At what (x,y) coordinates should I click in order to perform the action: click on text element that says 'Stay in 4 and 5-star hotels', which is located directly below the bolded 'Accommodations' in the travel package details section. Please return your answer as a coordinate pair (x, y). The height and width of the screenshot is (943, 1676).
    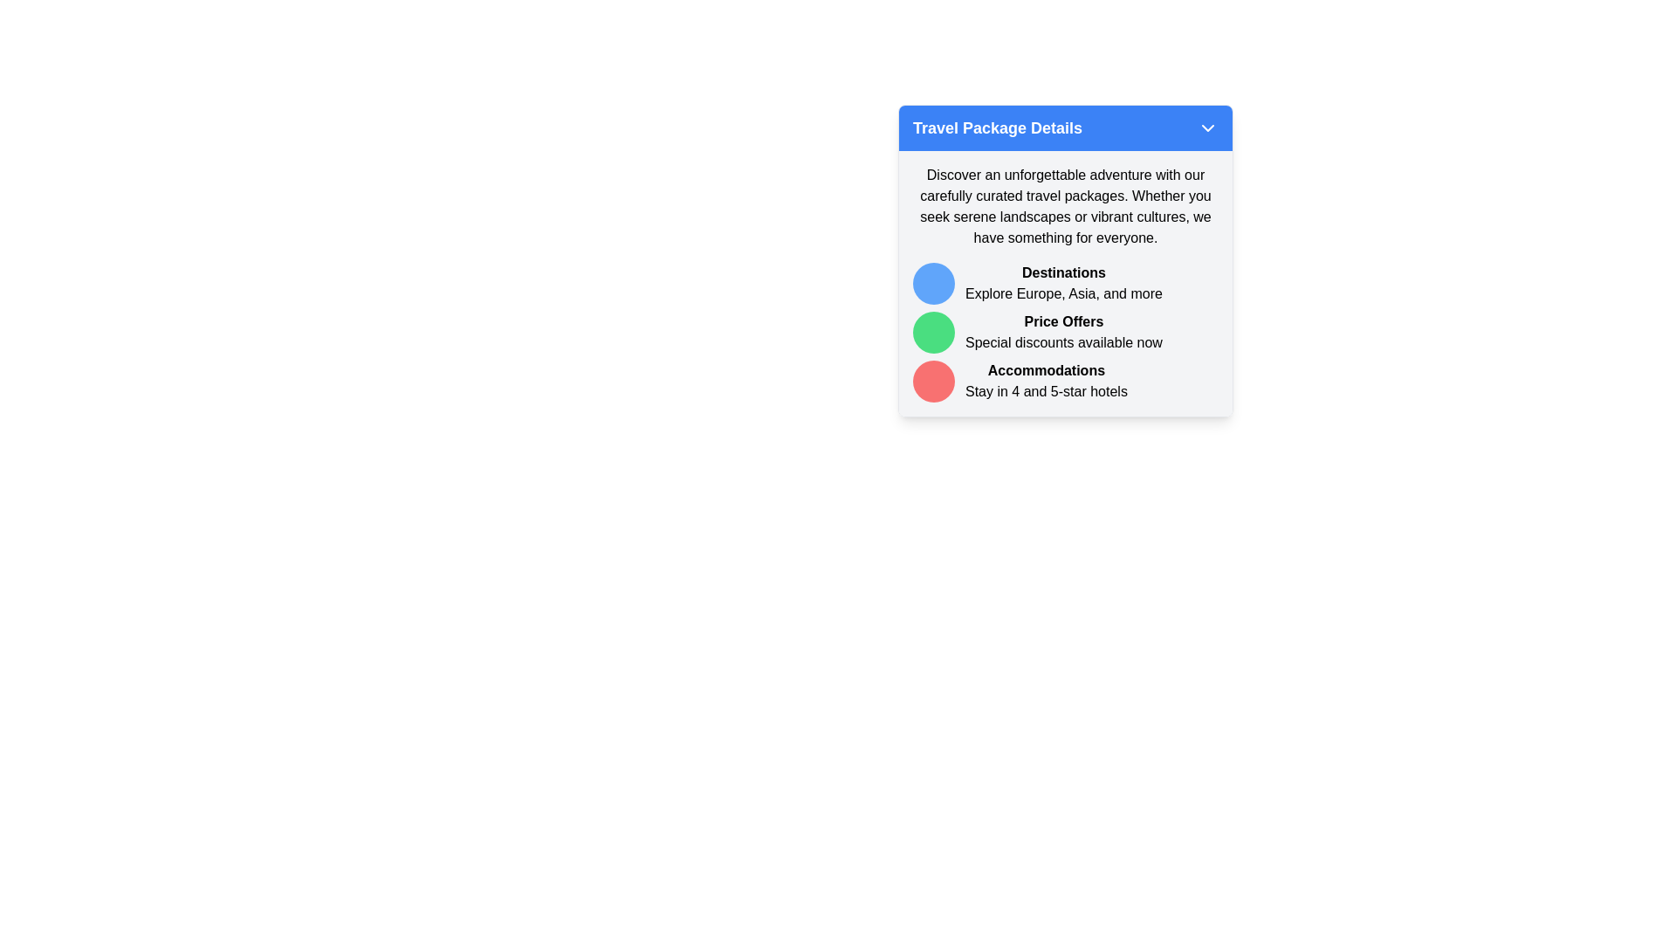
    Looking at the image, I should click on (1047, 390).